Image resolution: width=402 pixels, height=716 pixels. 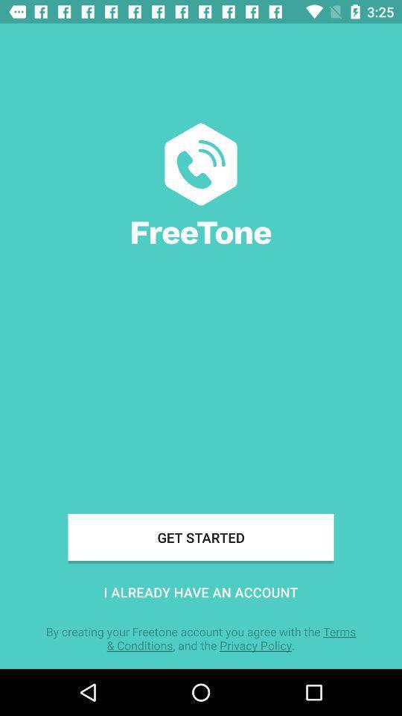 I want to click on the item below i already have item, so click(x=201, y=638).